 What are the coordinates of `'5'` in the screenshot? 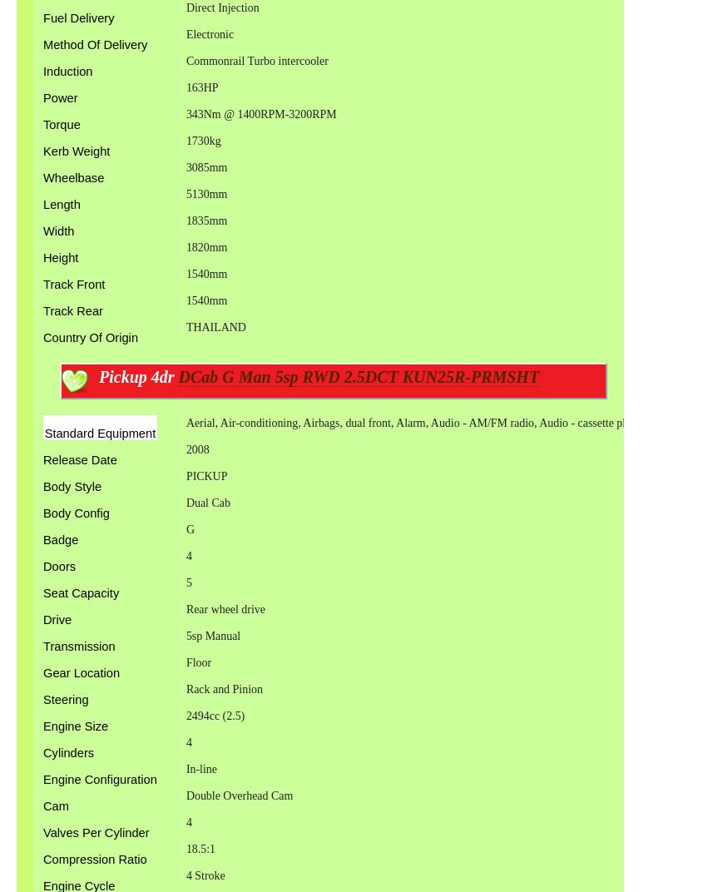 It's located at (187, 581).